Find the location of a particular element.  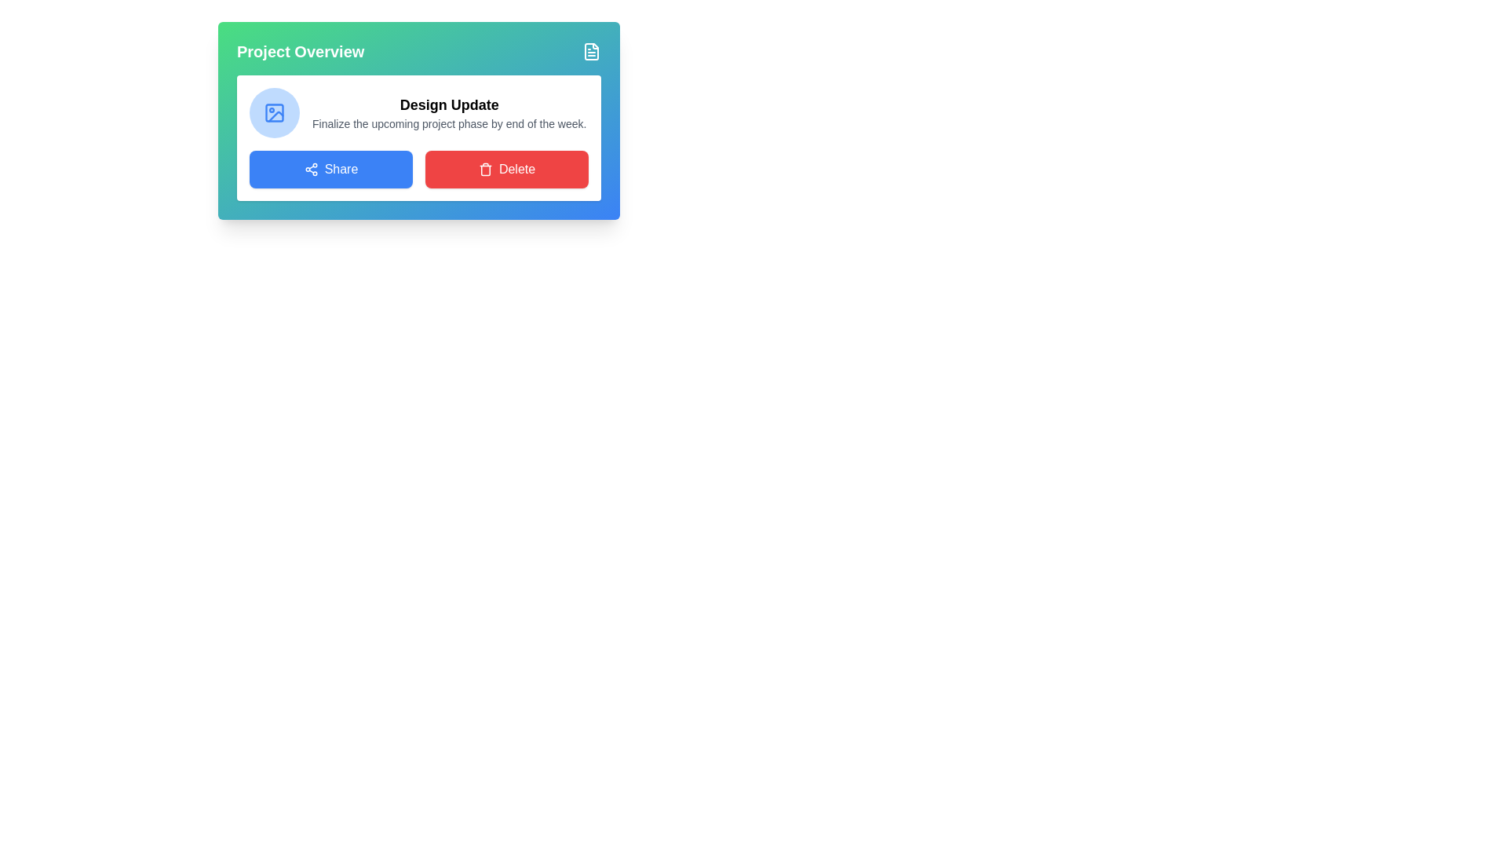

the delete button located at the bottom-right of the two-button row inside the card to observe its hover effects is located at coordinates (507, 170).